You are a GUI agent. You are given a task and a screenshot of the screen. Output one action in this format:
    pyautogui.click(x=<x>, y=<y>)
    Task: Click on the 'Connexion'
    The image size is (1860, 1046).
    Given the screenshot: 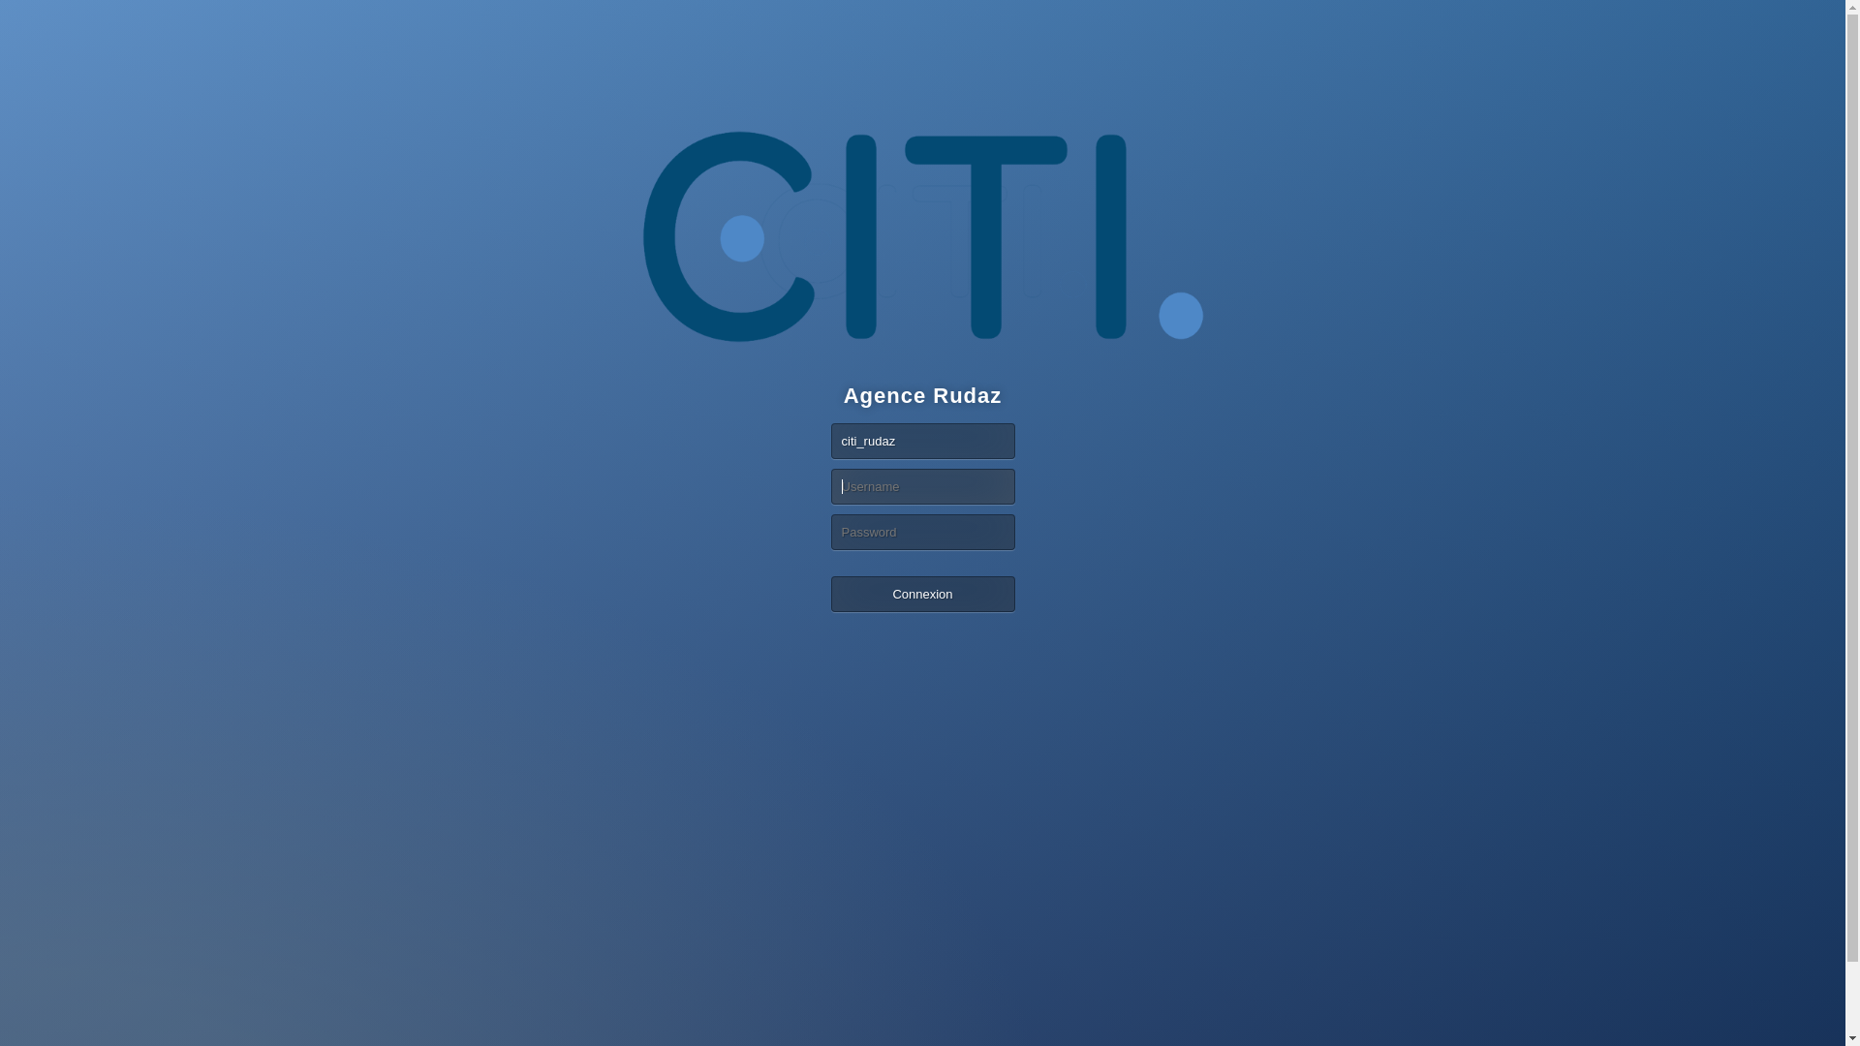 What is the action you would take?
    pyautogui.click(x=922, y=593)
    